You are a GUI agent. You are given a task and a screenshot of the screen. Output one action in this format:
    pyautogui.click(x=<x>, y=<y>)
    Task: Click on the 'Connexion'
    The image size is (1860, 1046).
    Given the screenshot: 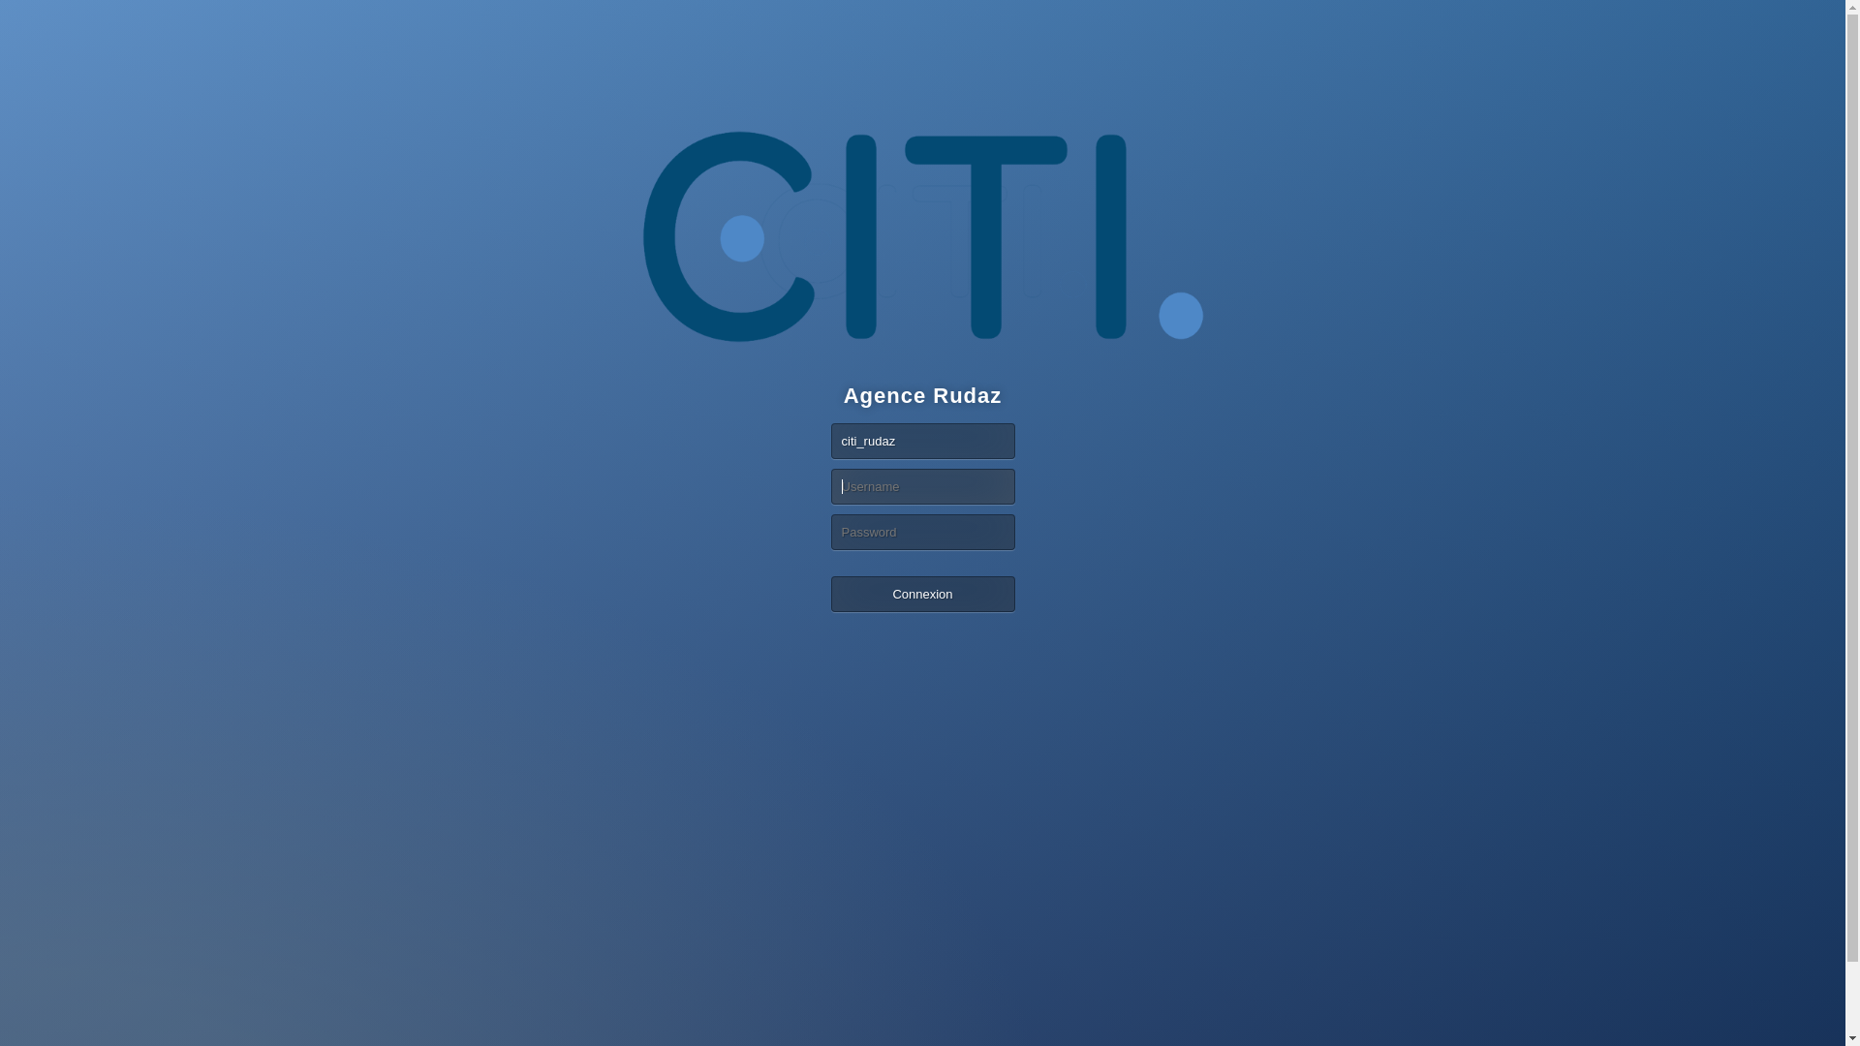 What is the action you would take?
    pyautogui.click(x=922, y=593)
    